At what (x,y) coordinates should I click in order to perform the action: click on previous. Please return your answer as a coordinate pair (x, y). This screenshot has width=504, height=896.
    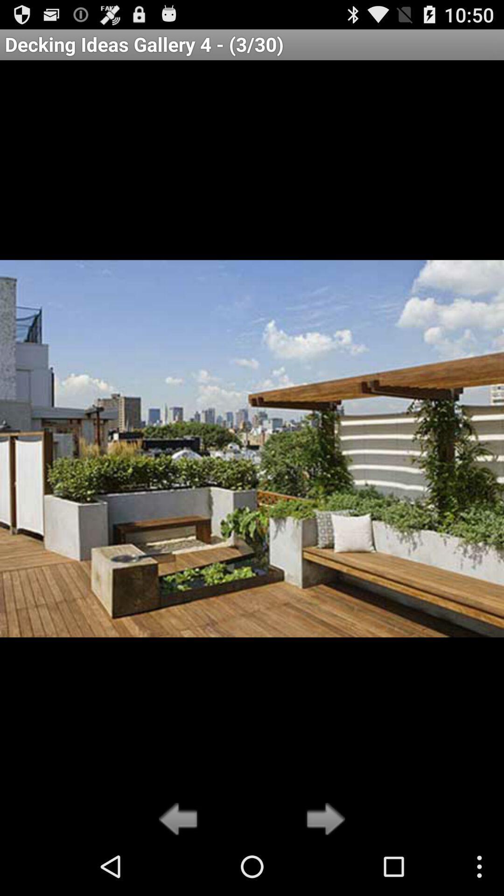
    Looking at the image, I should click on (181, 819).